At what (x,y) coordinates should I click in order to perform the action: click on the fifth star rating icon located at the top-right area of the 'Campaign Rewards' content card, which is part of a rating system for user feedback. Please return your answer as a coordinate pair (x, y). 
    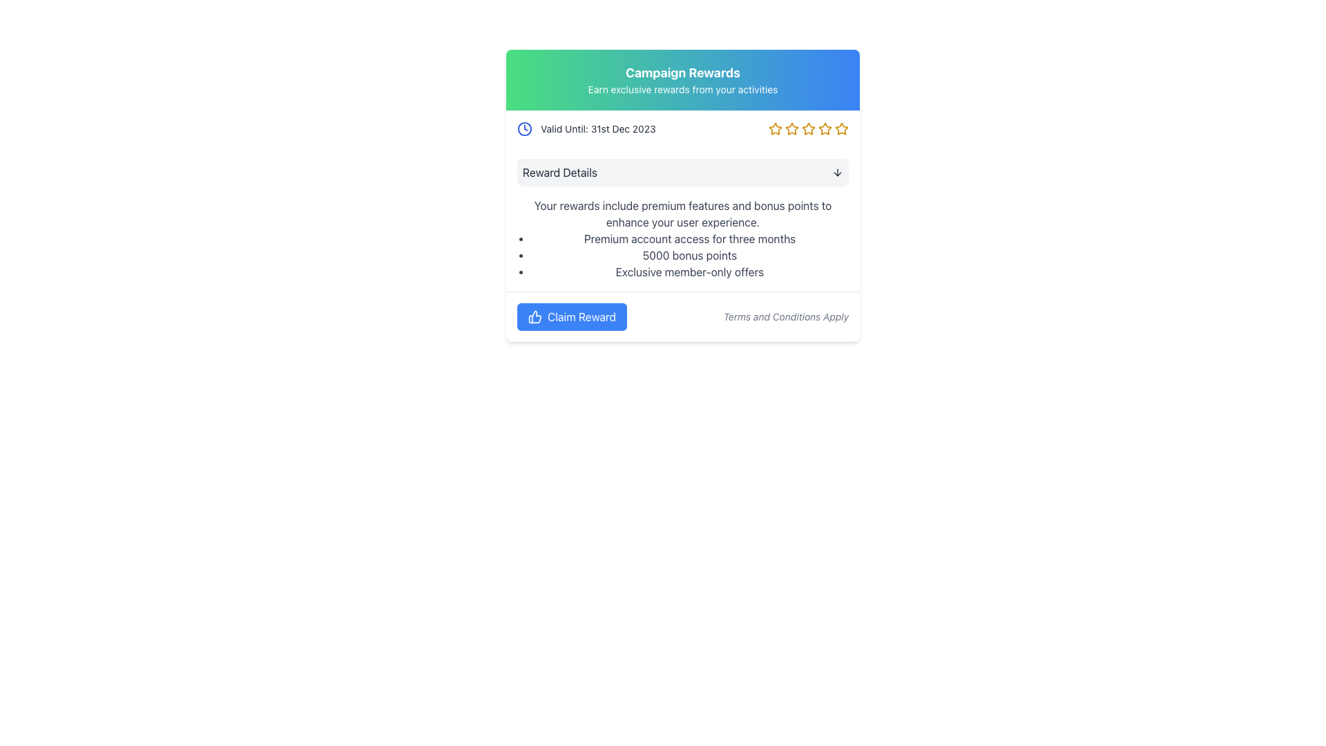
    Looking at the image, I should click on (825, 128).